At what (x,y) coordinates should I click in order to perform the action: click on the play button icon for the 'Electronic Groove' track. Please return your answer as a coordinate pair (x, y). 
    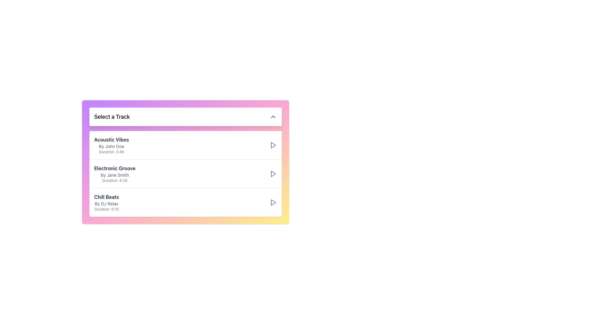
    Looking at the image, I should click on (273, 174).